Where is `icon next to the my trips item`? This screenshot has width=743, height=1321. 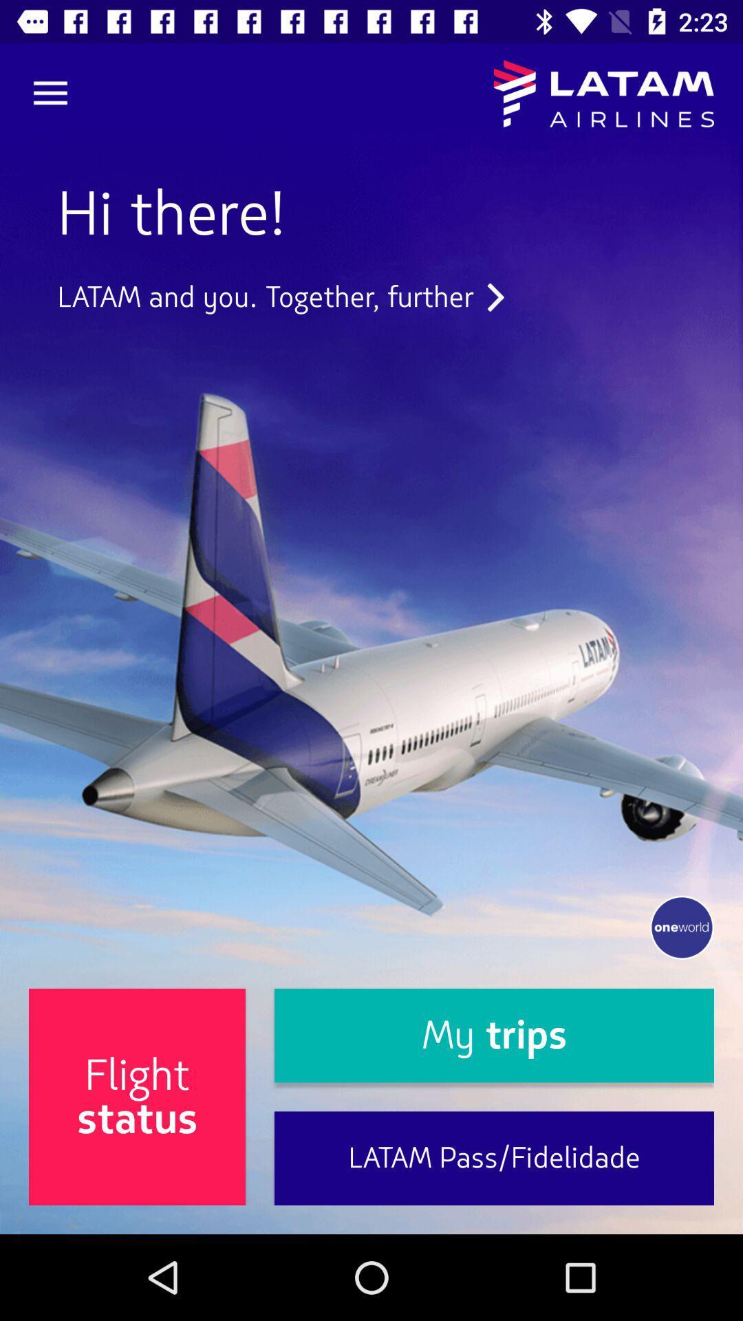
icon next to the my trips item is located at coordinates (137, 1096).